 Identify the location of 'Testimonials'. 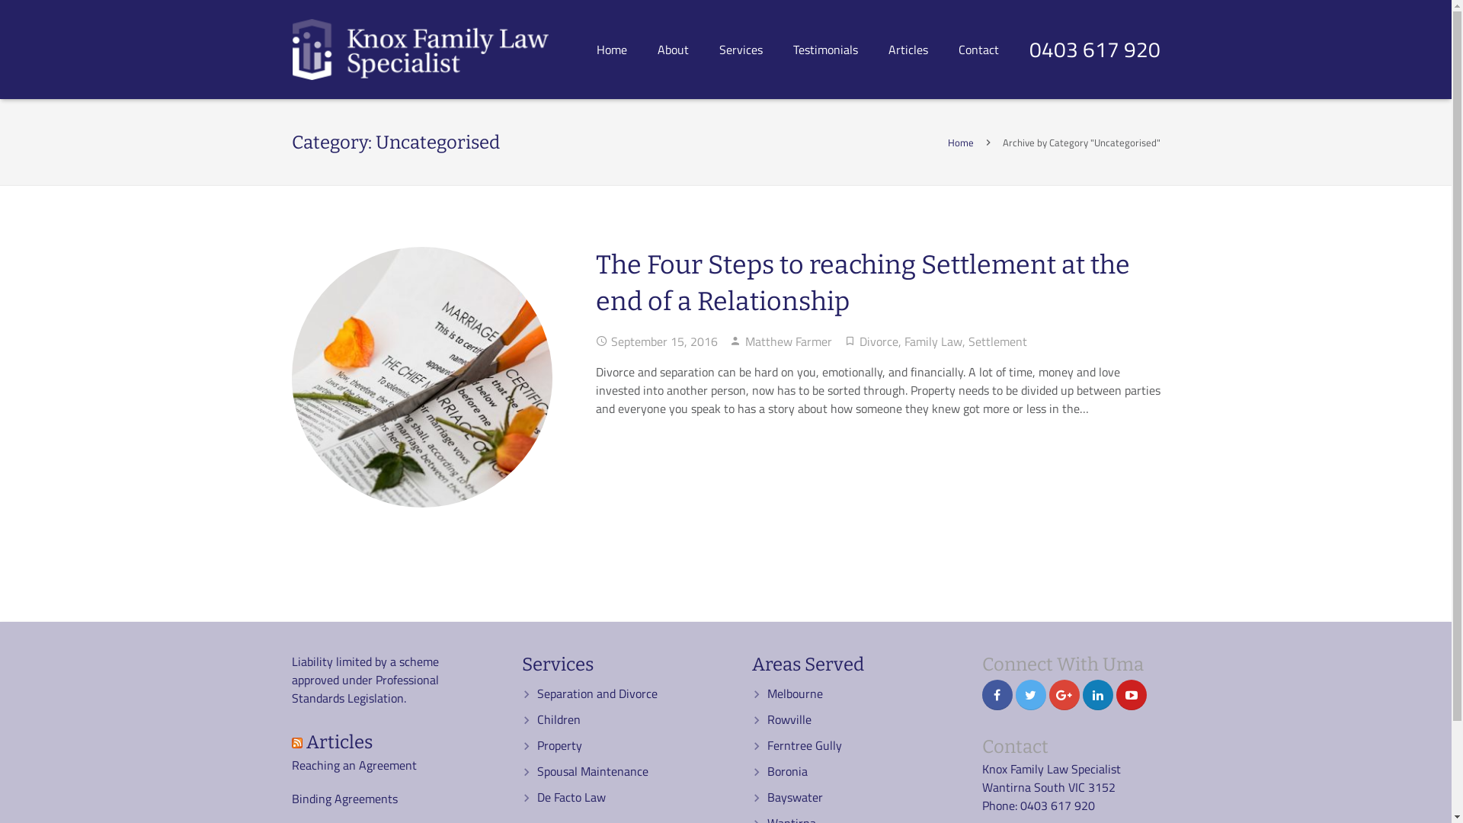
(778, 49).